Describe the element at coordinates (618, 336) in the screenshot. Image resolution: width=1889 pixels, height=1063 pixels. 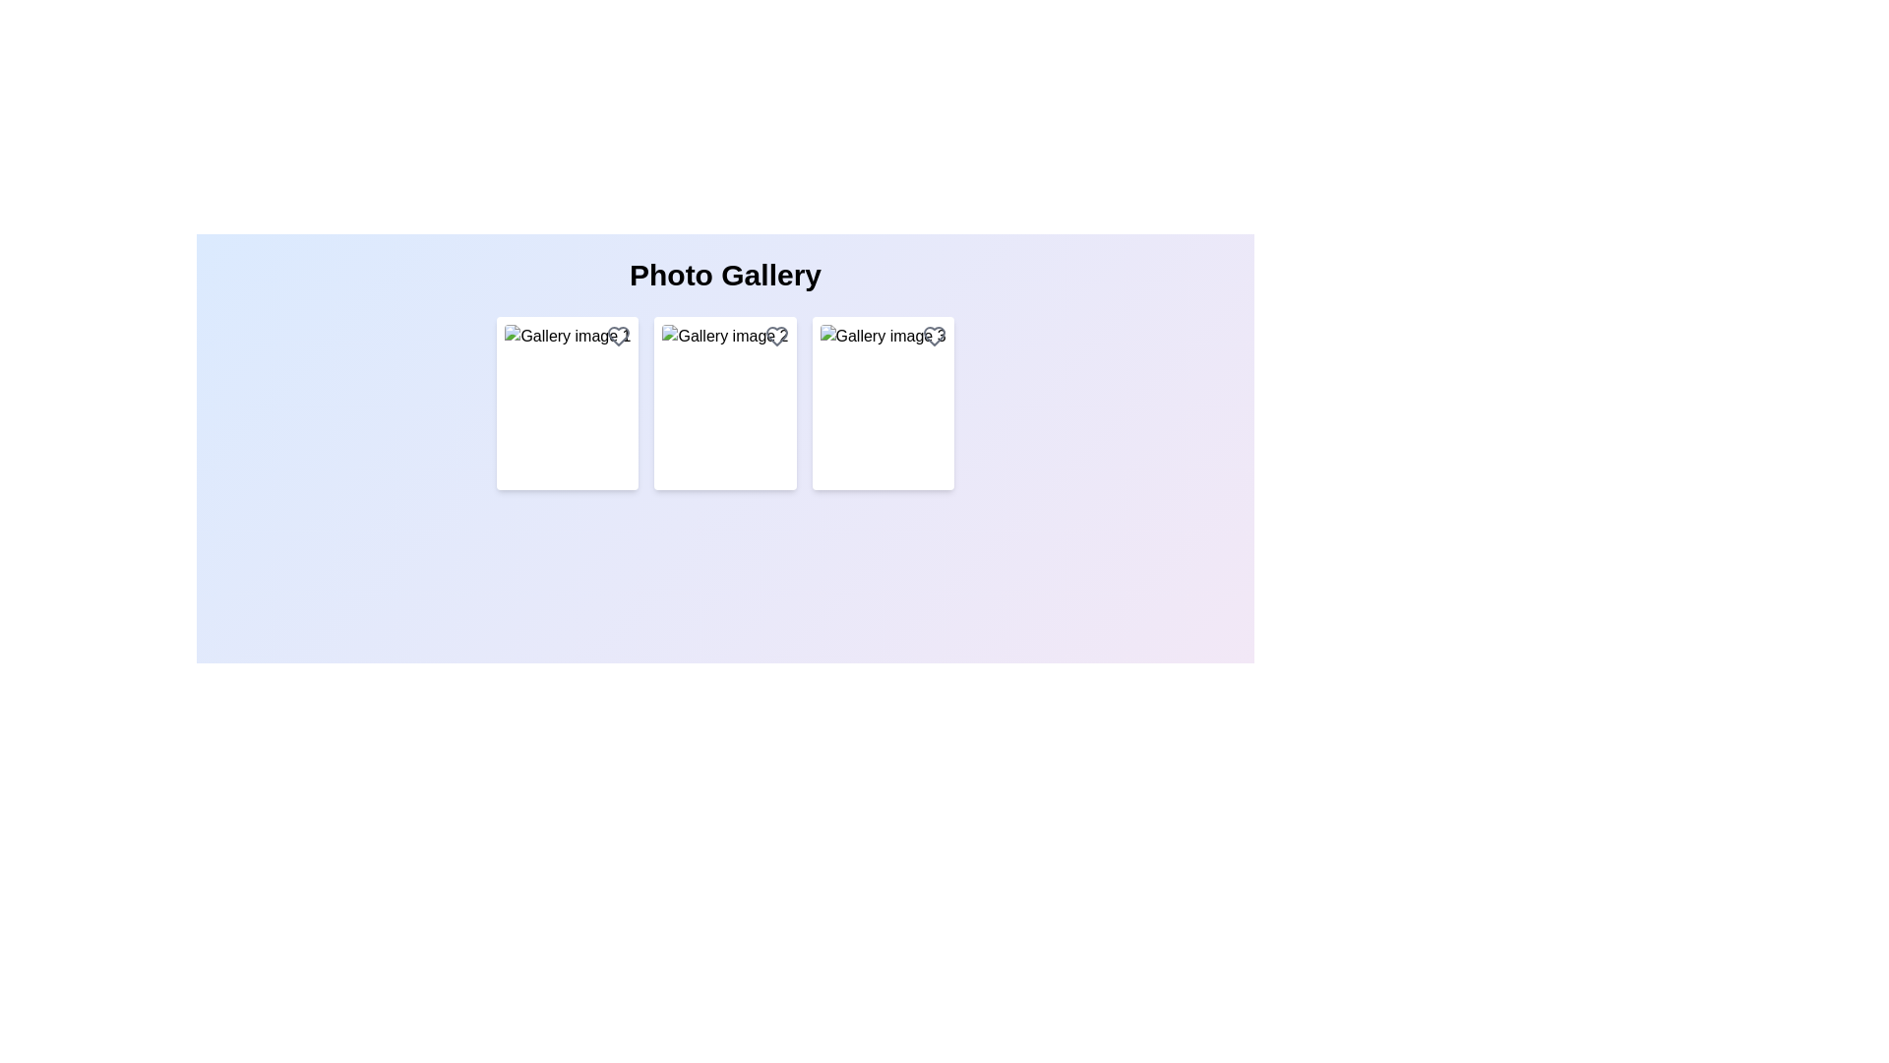
I see `the favorite icon located in the top-right corner of the first card labeled 'Gallery image 1' to mark the item as a favorite` at that location.